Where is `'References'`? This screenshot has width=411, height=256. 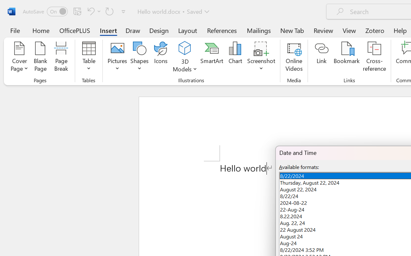
'References' is located at coordinates (222, 30).